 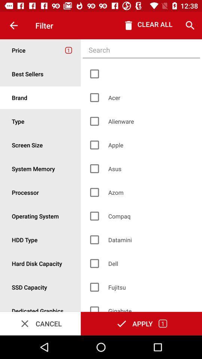 What do you see at coordinates (40, 287) in the screenshot?
I see `the more icon` at bounding box center [40, 287].